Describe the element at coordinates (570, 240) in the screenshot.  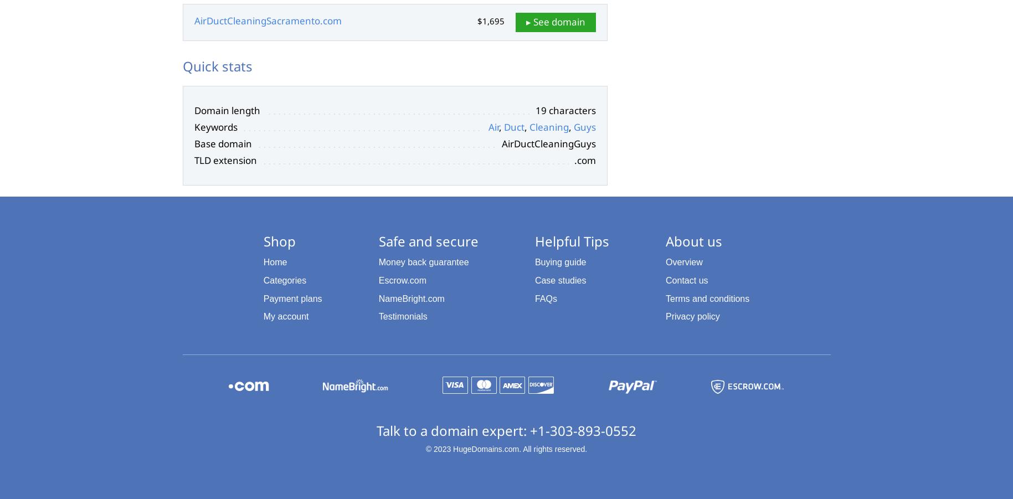
I see `'Helpful Tips'` at that location.